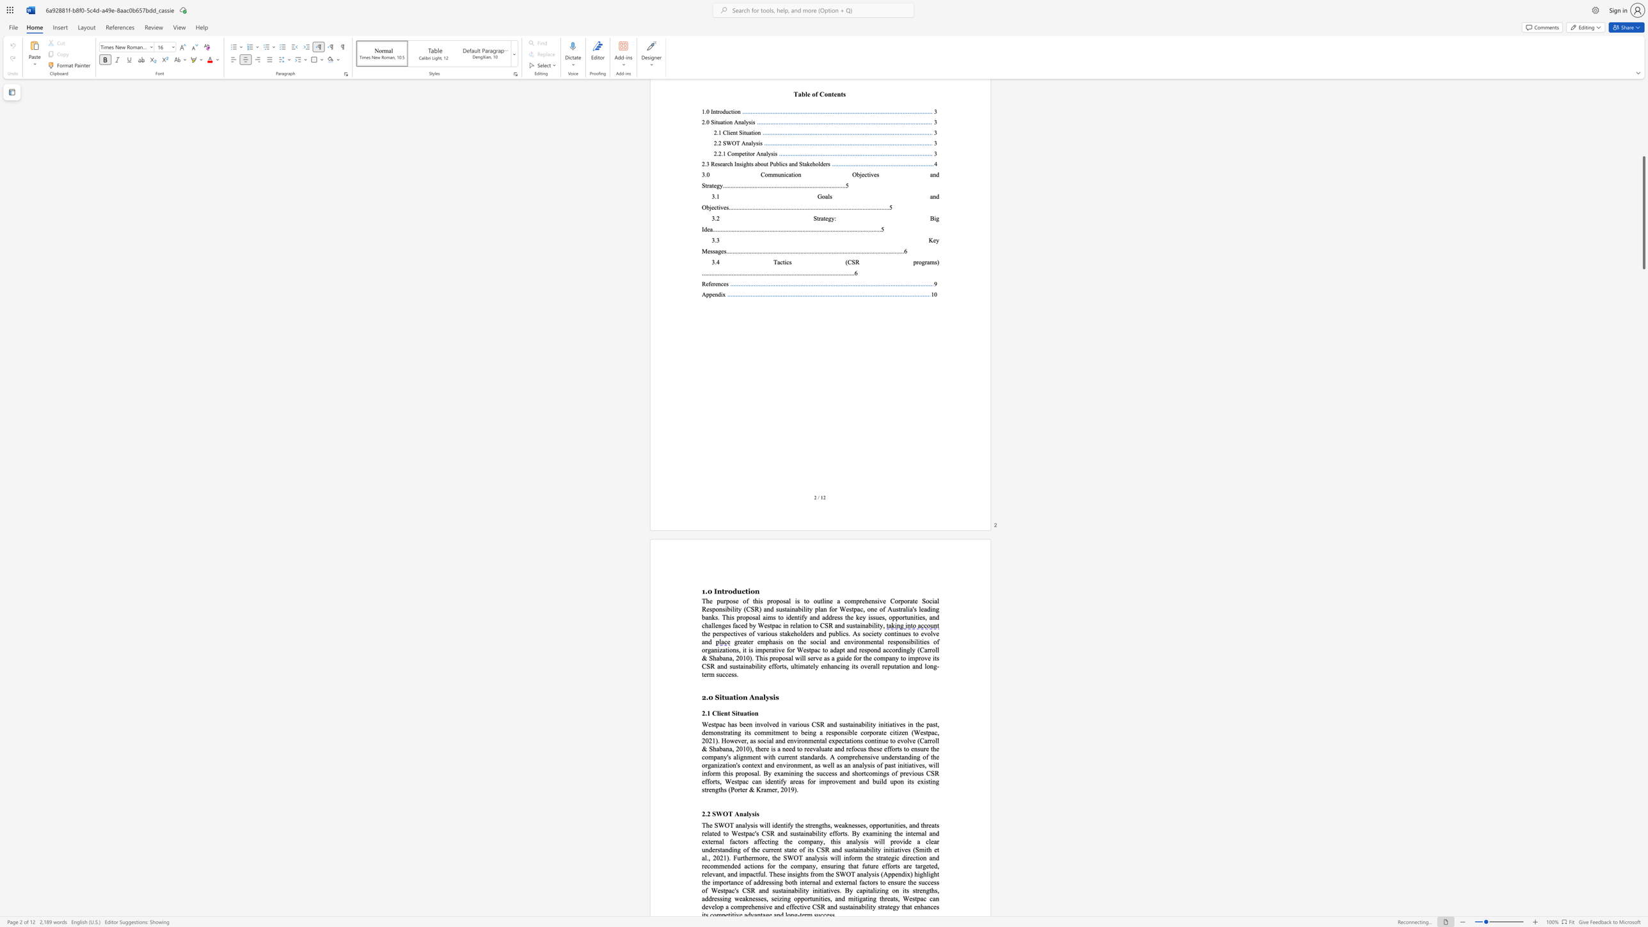 The image size is (1648, 927). Describe the element at coordinates (717, 696) in the screenshot. I see `the 1th character "S" in the text` at that location.